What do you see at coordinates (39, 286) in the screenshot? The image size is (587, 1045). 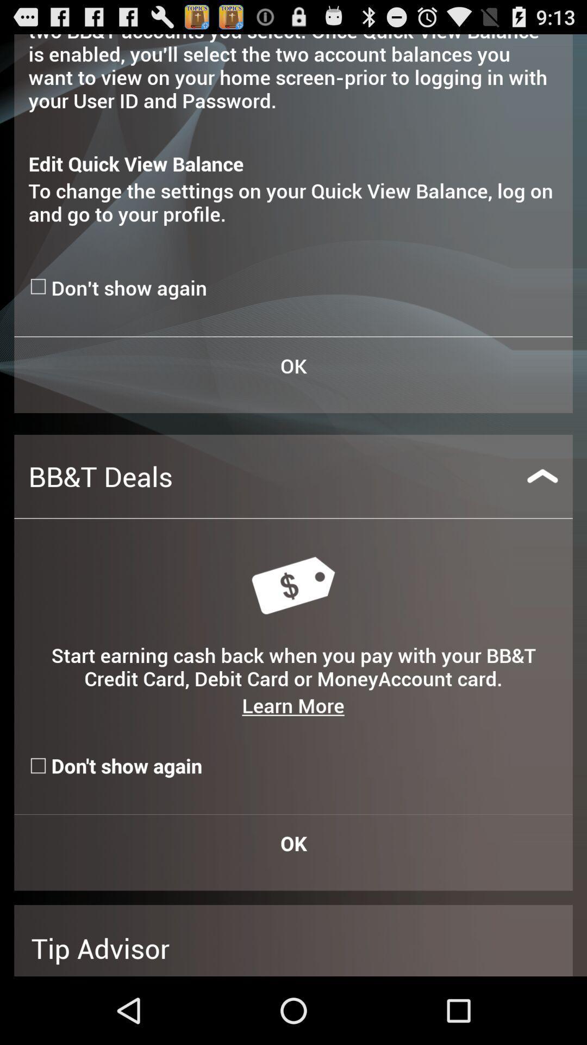 I see `do n't show message` at bounding box center [39, 286].